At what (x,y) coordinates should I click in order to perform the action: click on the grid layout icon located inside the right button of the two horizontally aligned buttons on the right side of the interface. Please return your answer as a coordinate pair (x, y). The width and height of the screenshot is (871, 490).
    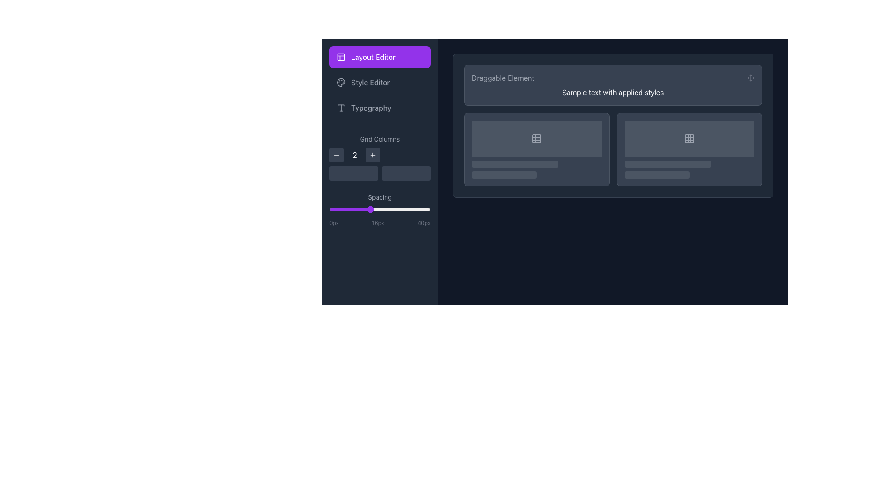
    Looking at the image, I should click on (537, 138).